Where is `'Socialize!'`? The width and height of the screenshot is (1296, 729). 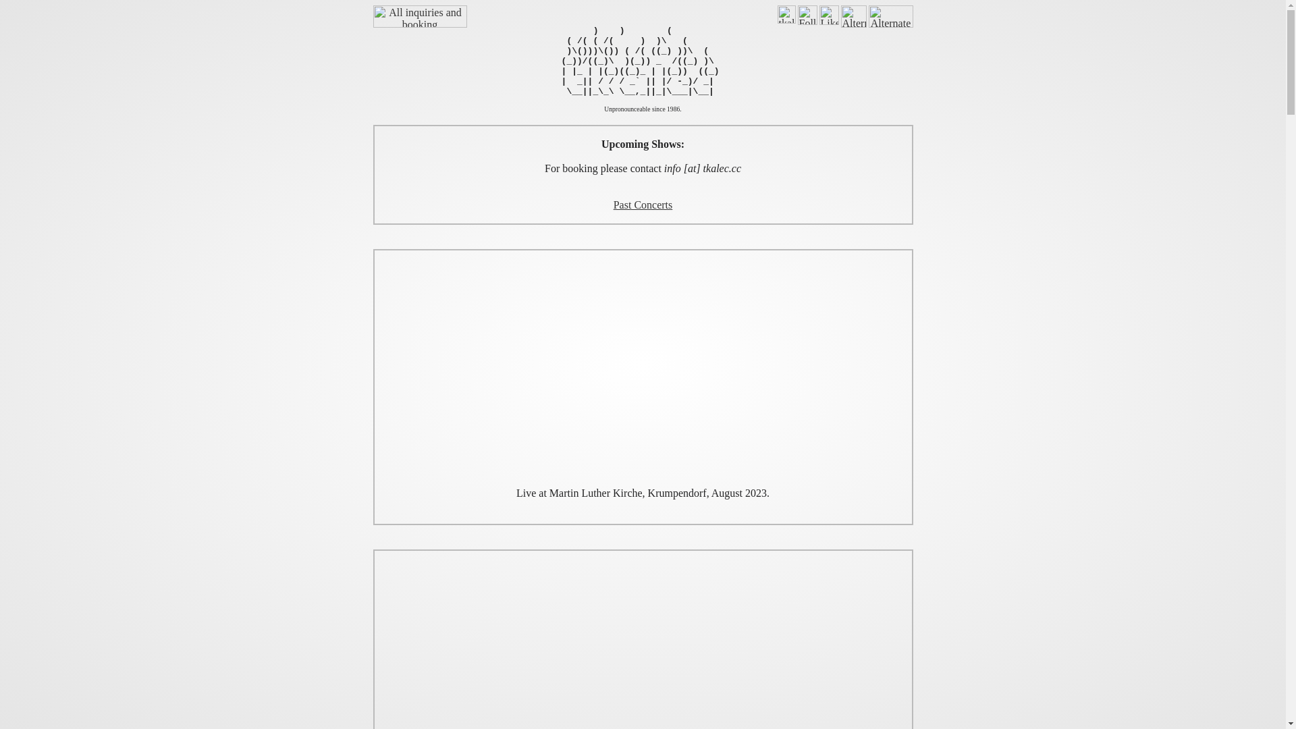 'Socialize!' is located at coordinates (828, 15).